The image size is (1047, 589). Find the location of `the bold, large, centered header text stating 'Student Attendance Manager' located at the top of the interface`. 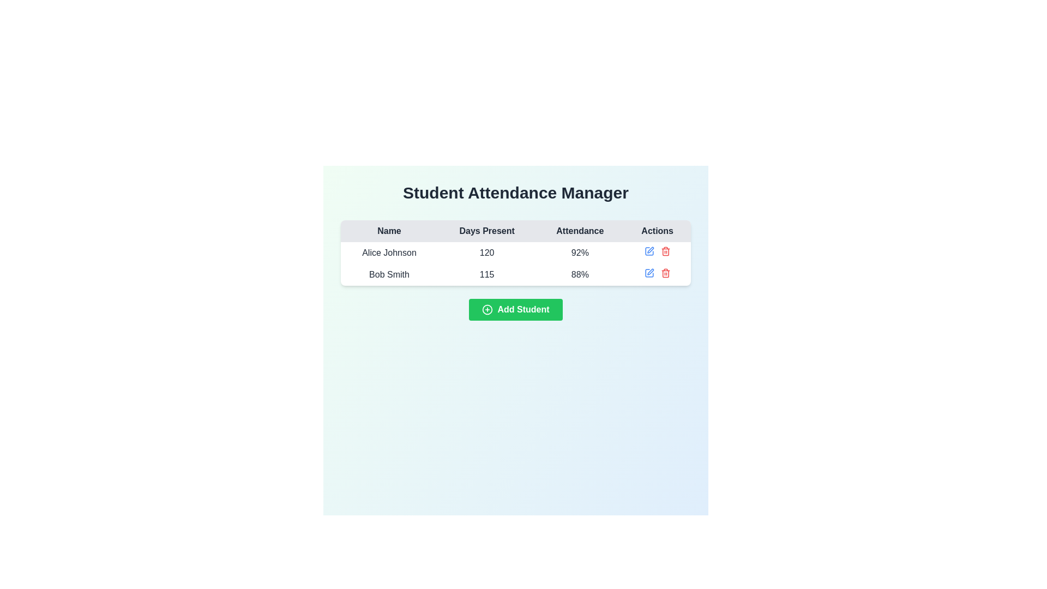

the bold, large, centered header text stating 'Student Attendance Manager' located at the top of the interface is located at coordinates (515, 193).